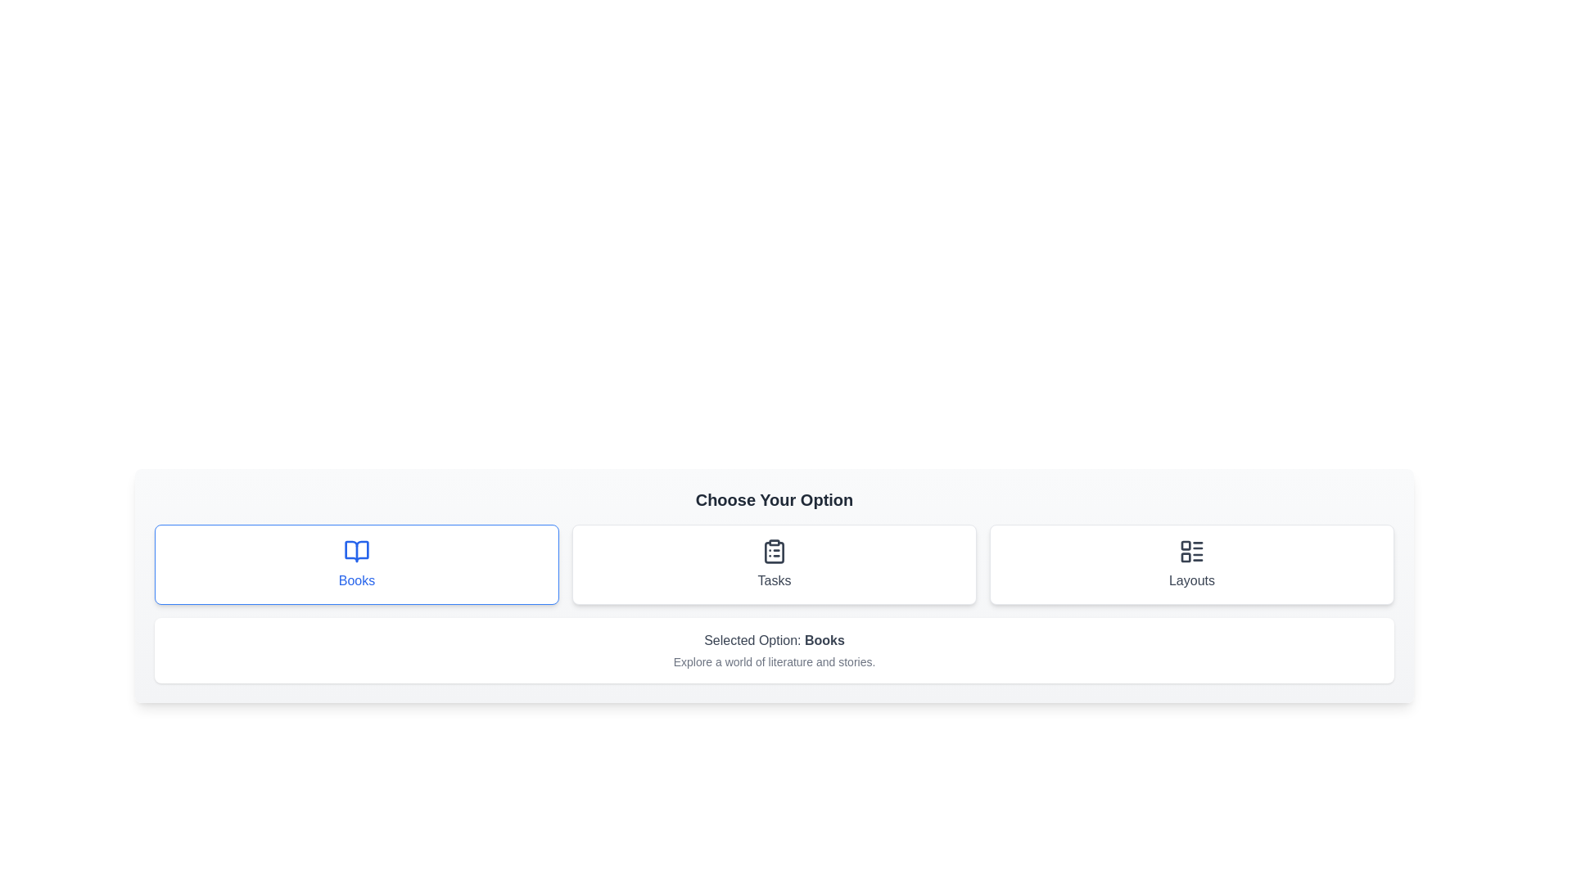 The width and height of the screenshot is (1572, 884). I want to click on the decorative square icon representing a list layout option, located in the second row and first column of the grid, so click(1186, 557).